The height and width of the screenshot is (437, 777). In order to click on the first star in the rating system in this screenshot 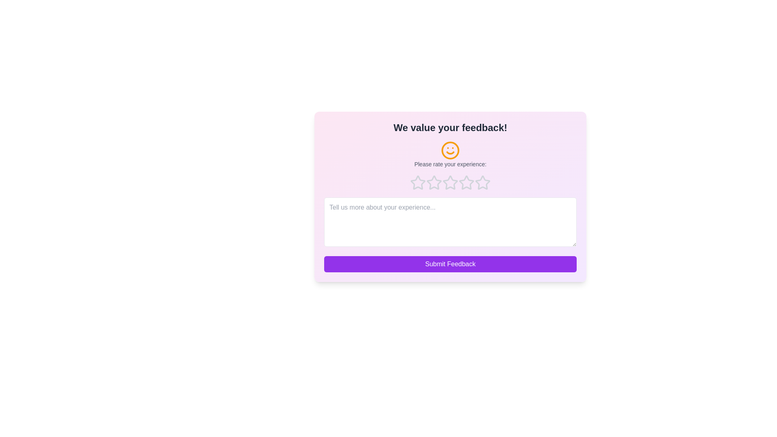, I will do `click(418, 182)`.